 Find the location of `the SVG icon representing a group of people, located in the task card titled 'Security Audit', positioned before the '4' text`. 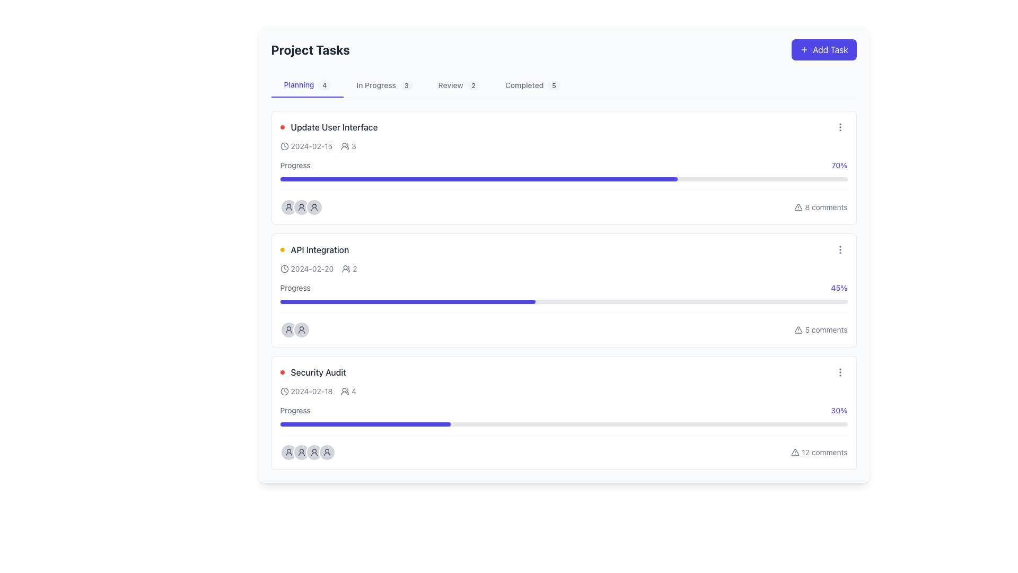

the SVG icon representing a group of people, located in the task card titled 'Security Audit', positioned before the '4' text is located at coordinates (345, 391).